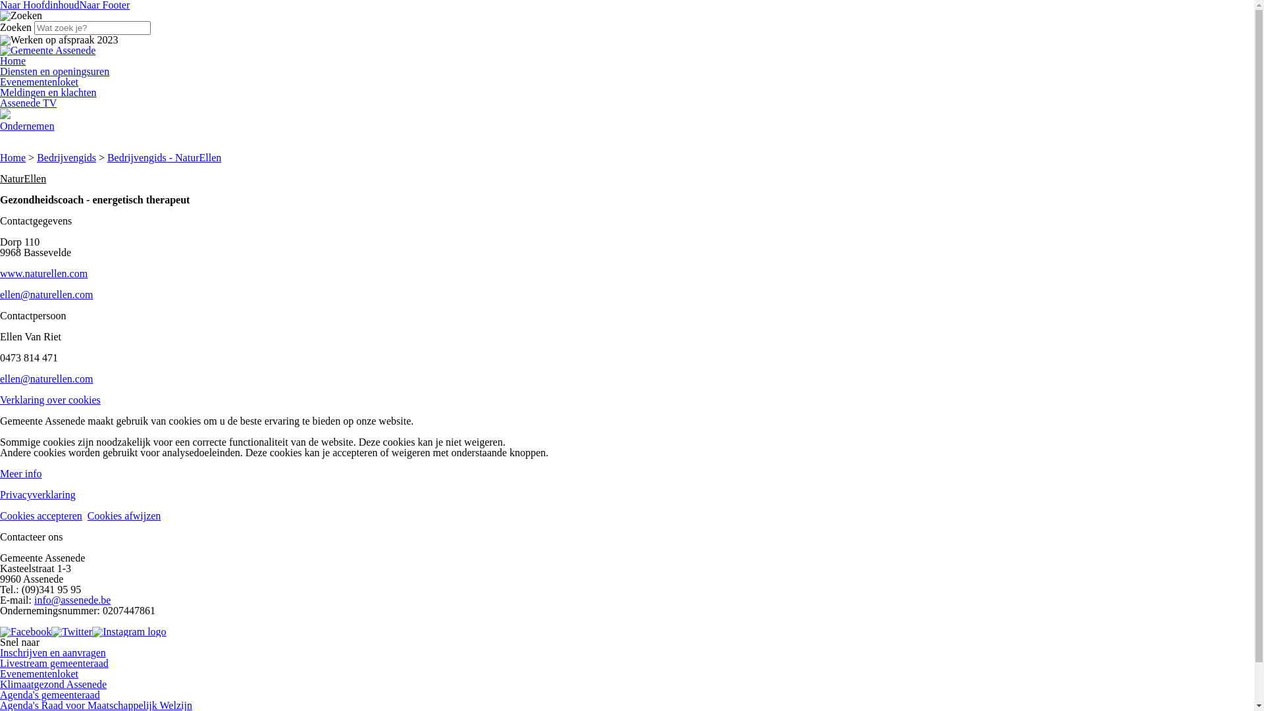 The image size is (1264, 711). I want to click on 'Bedrijvengids', so click(37, 157).